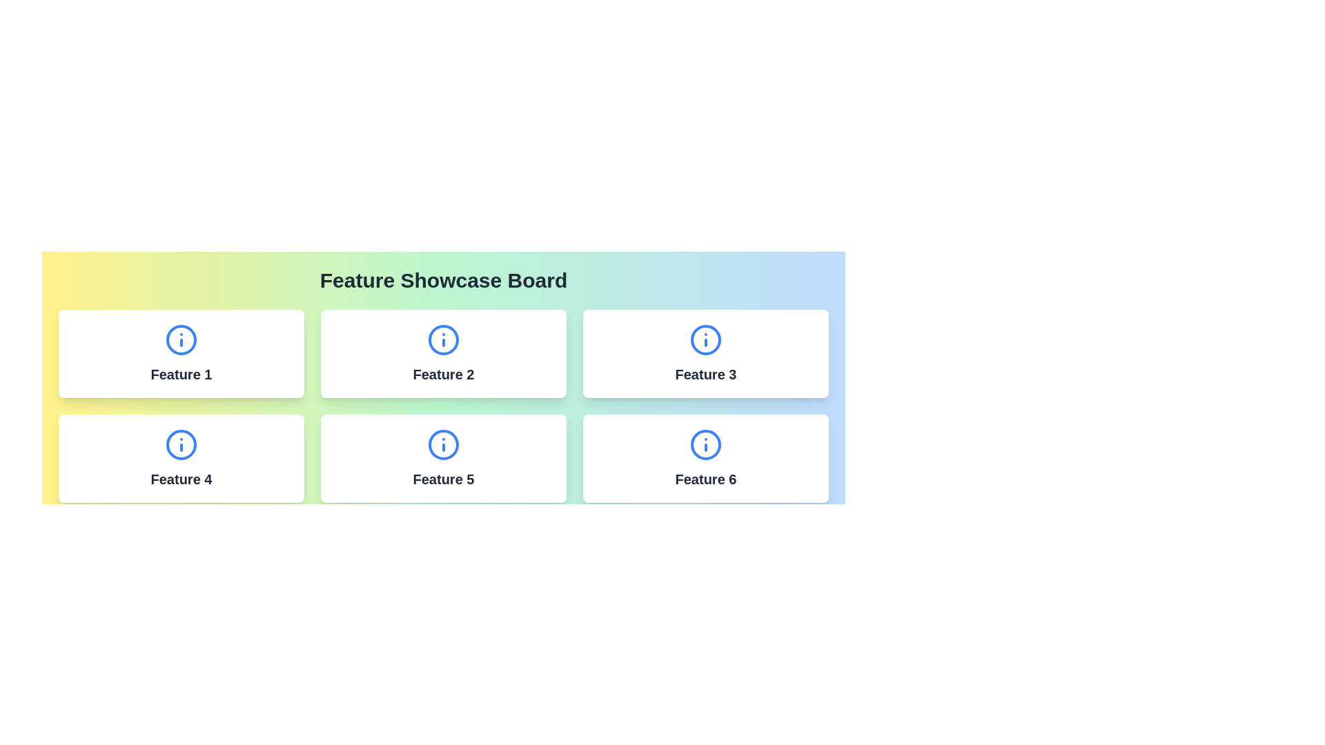 The image size is (1325, 745). I want to click on text label that displays 'Feature 6', located in the bottom-right card of a 3x2 grid layout, directly below the blue circular icon, so click(705, 478).